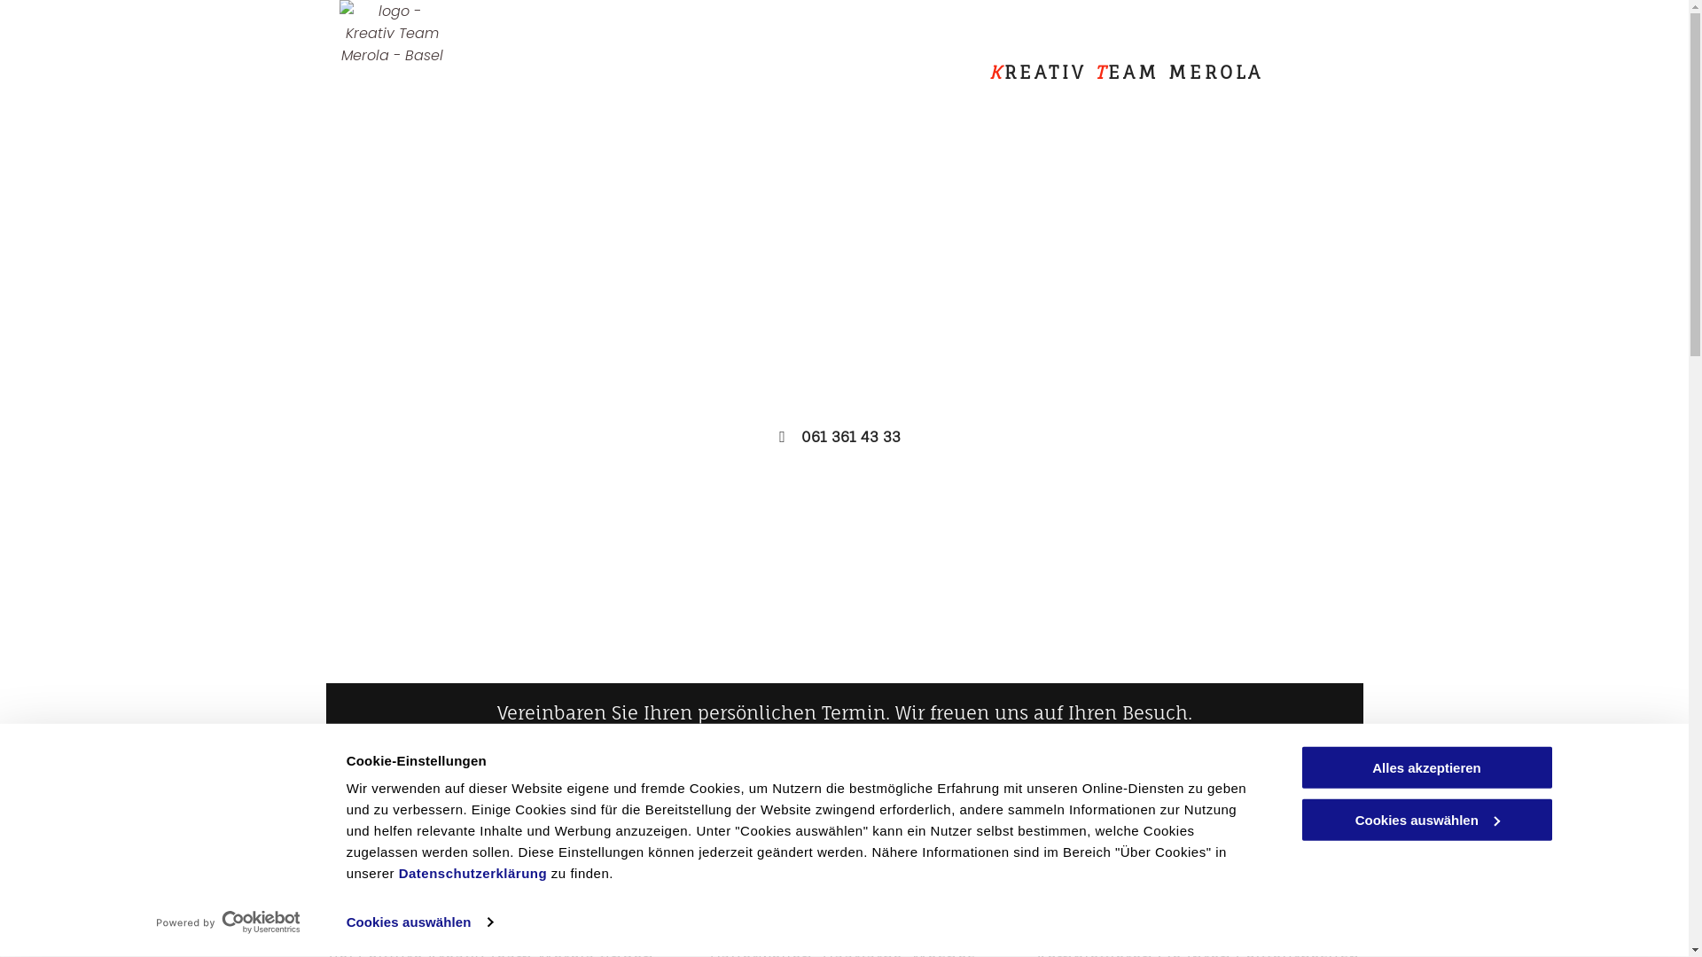 The width and height of the screenshot is (1702, 957). What do you see at coordinates (1425, 766) in the screenshot?
I see `'Alles akzeptieren'` at bounding box center [1425, 766].